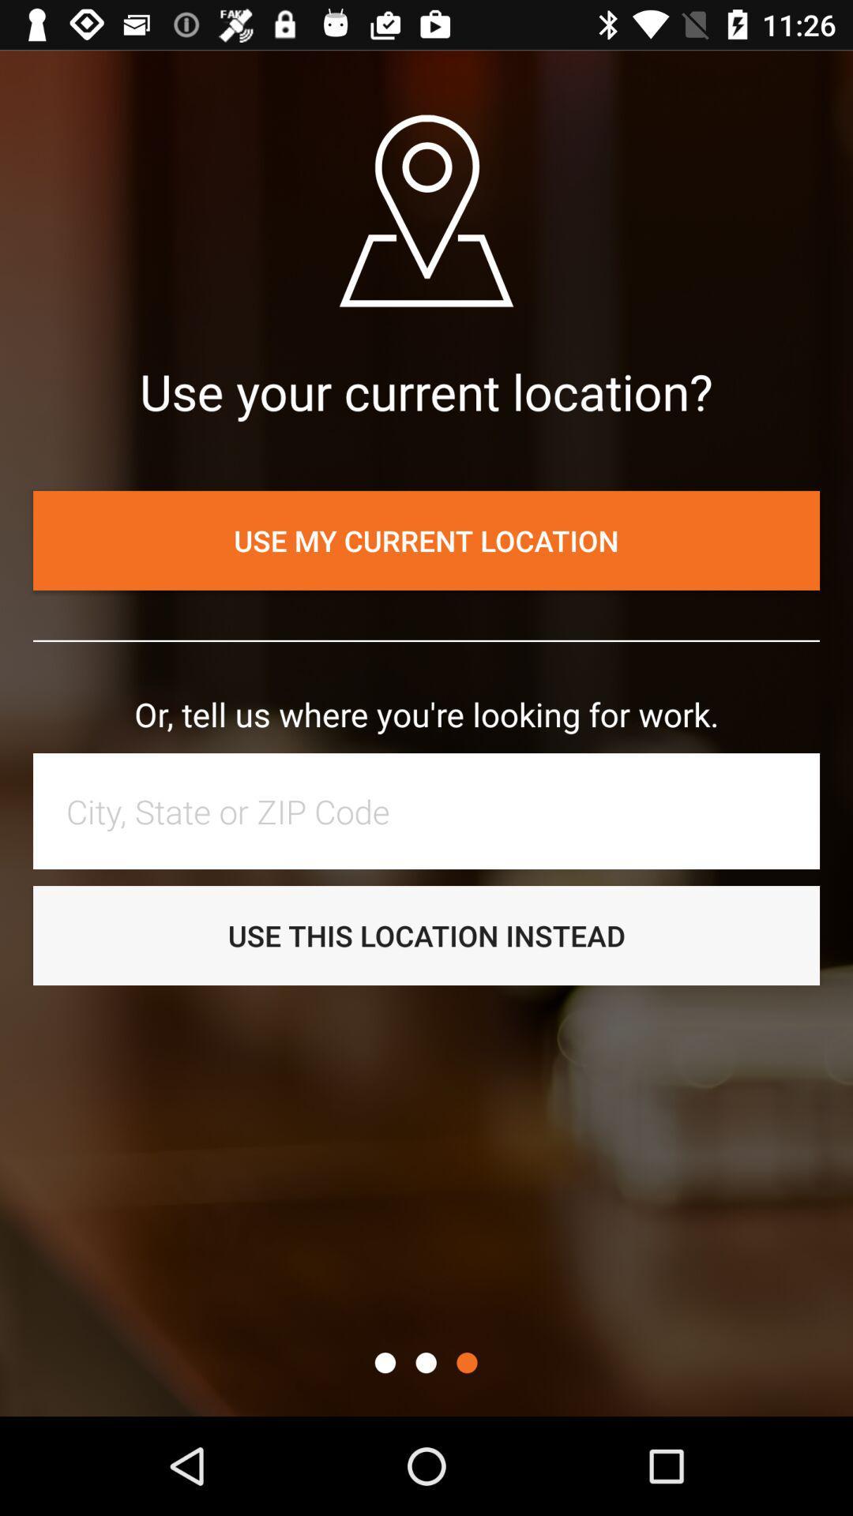 Image resolution: width=853 pixels, height=1516 pixels. Describe the element at coordinates (425, 1362) in the screenshot. I see `the icon below use this location item` at that location.